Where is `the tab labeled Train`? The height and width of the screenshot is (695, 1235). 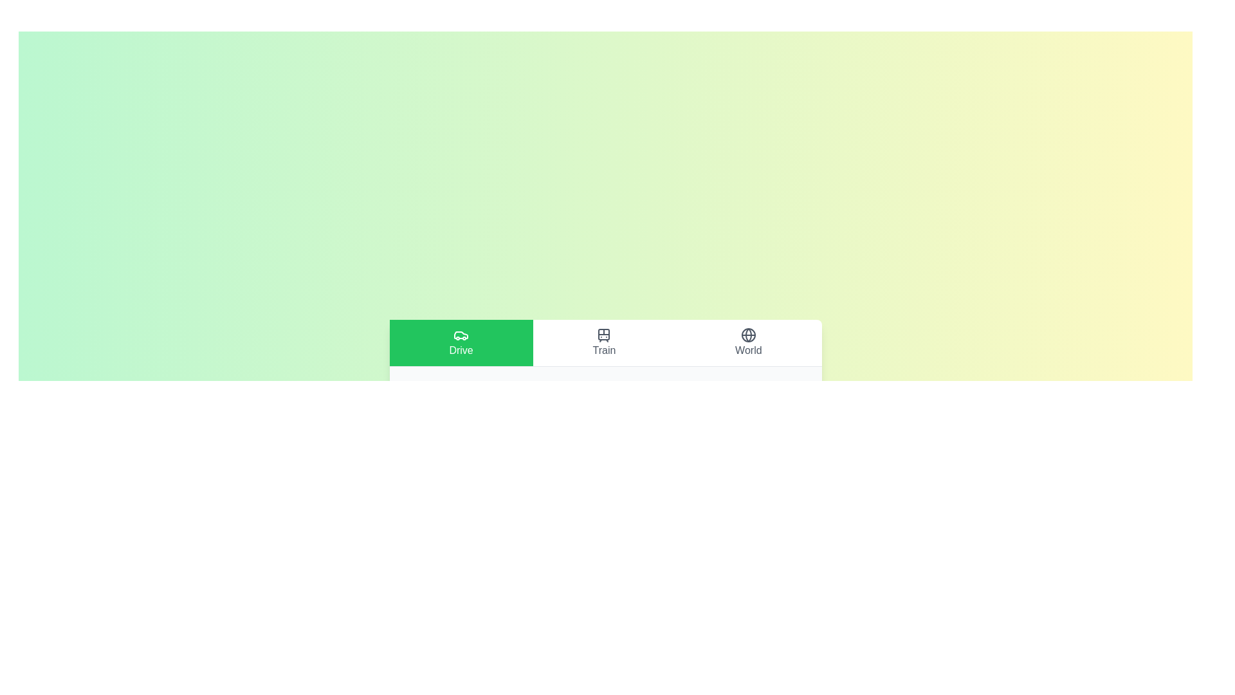 the tab labeled Train is located at coordinates (603, 342).